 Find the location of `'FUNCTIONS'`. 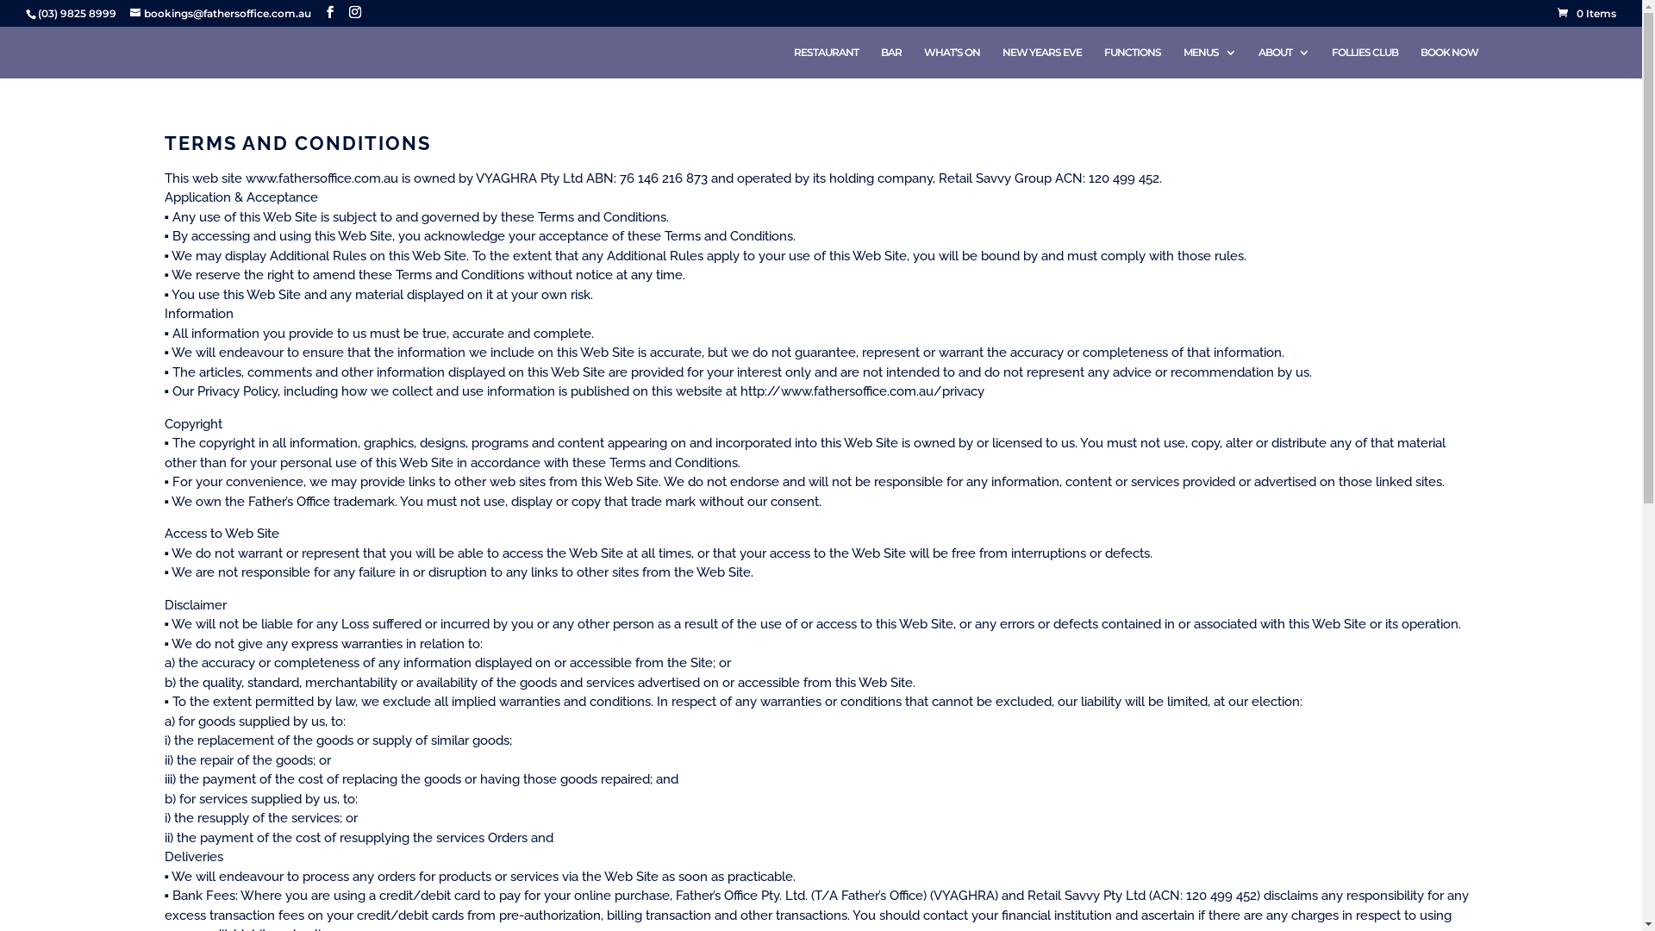

'FUNCTIONS' is located at coordinates (1132, 61).